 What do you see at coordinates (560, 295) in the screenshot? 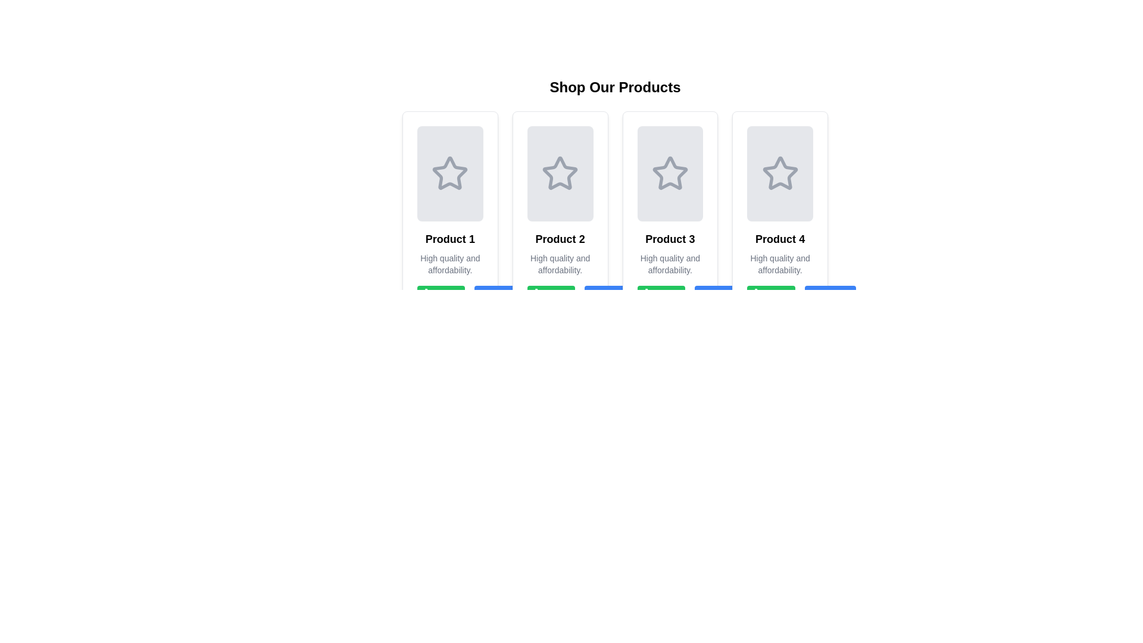
I see `the 'Add' button in the Action button group located below the description text of the product card labeled 'Product 2'` at bounding box center [560, 295].